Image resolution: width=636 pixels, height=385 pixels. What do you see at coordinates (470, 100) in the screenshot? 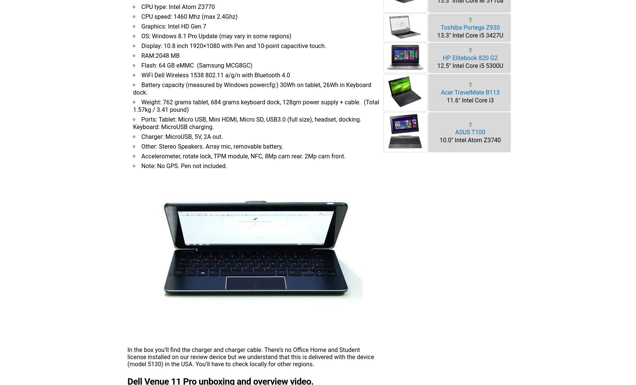
I see `'11.6"  Intel Core i3'` at bounding box center [470, 100].